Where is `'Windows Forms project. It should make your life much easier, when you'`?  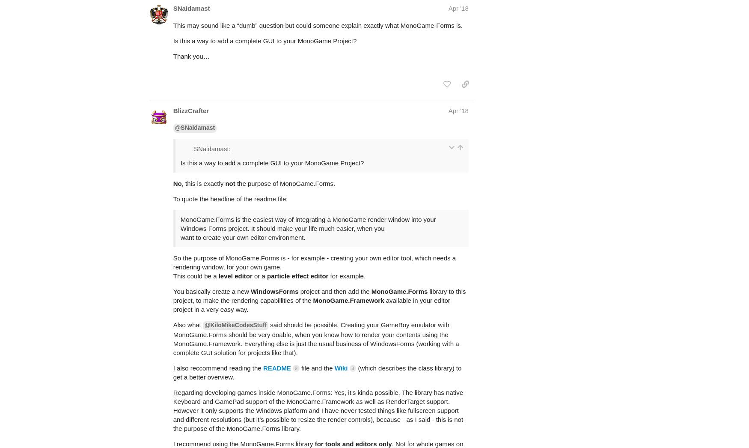
'Windows Forms project. It should make your life much easier, when you' is located at coordinates (282, 194).